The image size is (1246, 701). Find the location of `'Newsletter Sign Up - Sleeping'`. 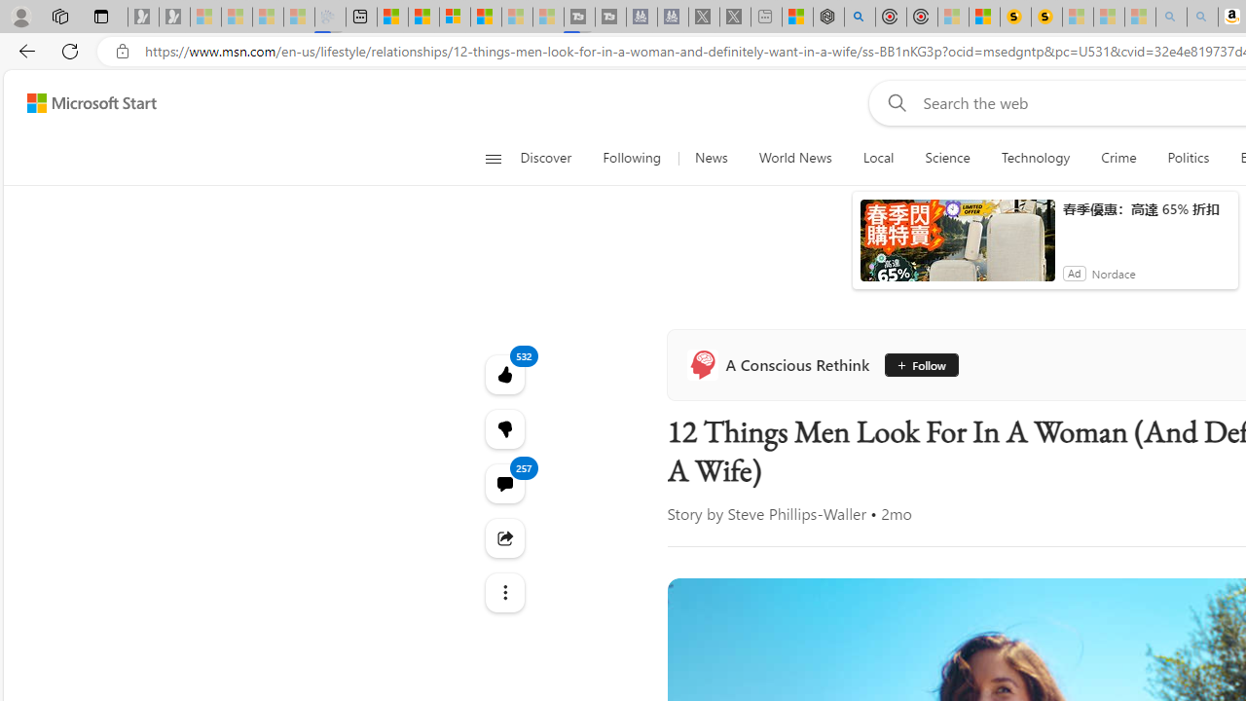

'Newsletter Sign Up - Sleeping' is located at coordinates (174, 17).